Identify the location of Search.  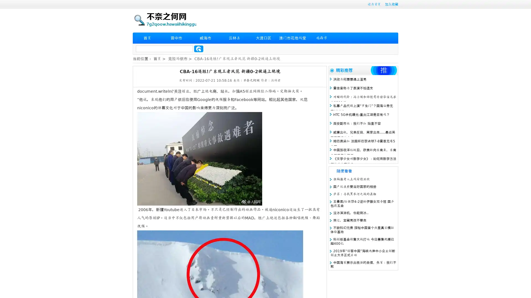
(199, 49).